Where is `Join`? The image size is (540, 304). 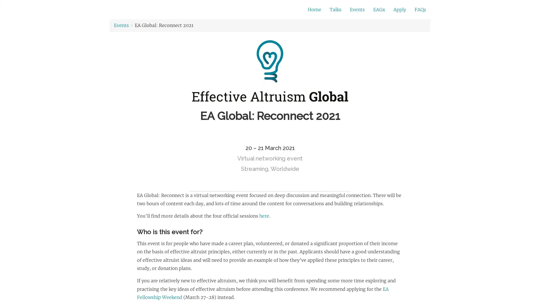
Join is located at coordinates (368, 10).